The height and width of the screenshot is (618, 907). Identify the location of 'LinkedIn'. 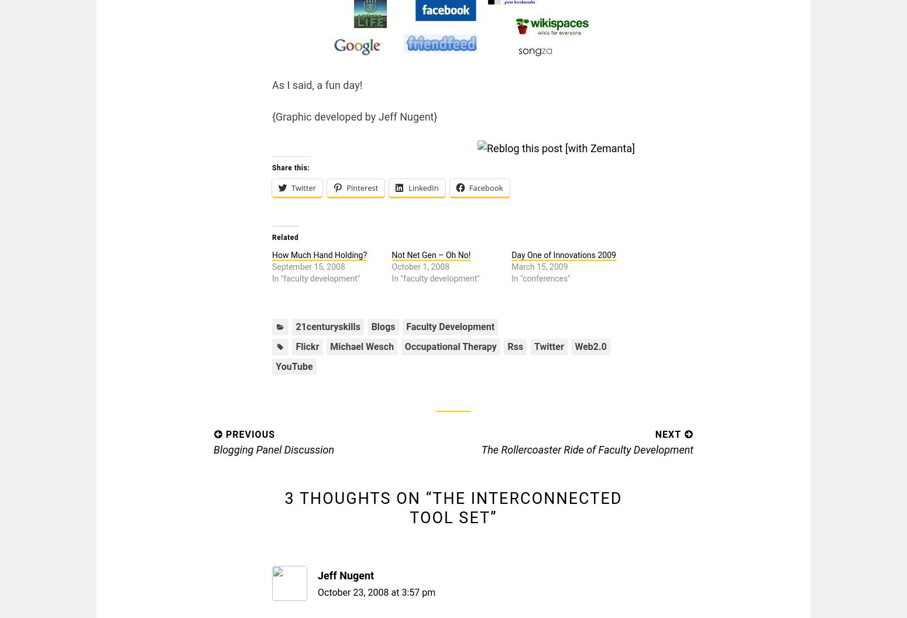
(407, 188).